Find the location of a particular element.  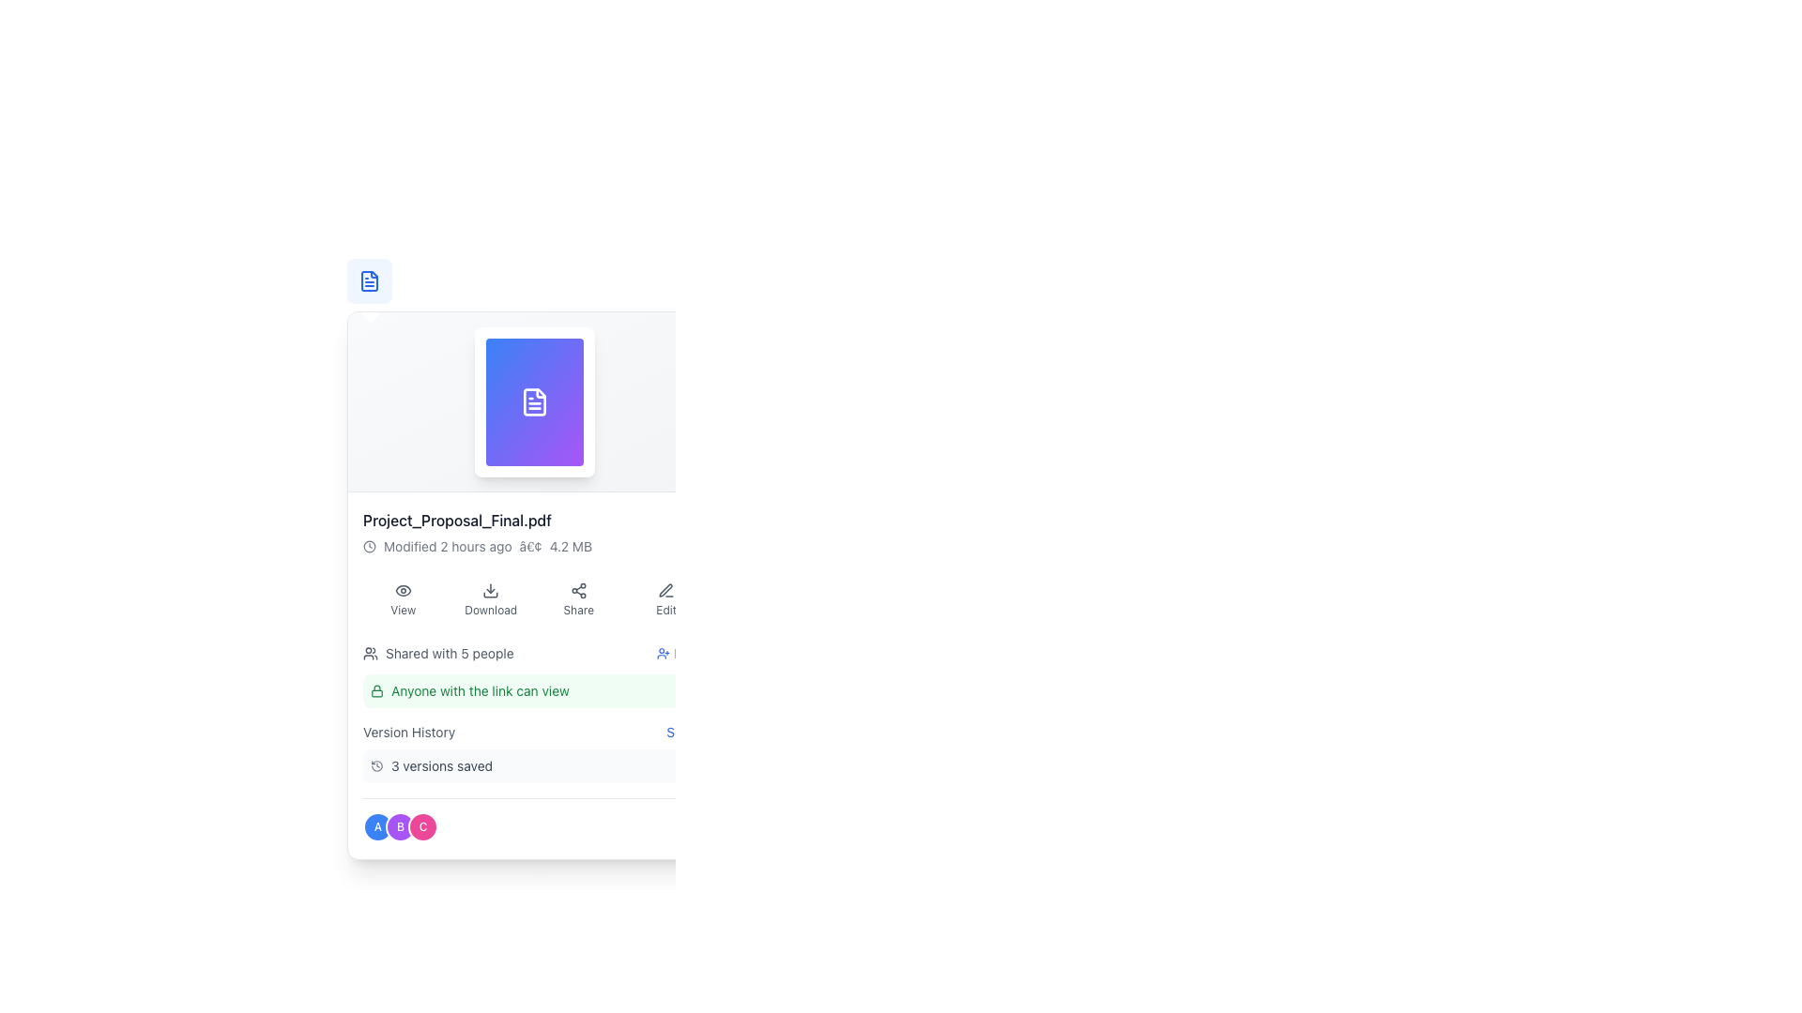

the invite button located on the right side of the section displaying 'Shared with 5 people' to invite a user is located at coordinates (680, 653).